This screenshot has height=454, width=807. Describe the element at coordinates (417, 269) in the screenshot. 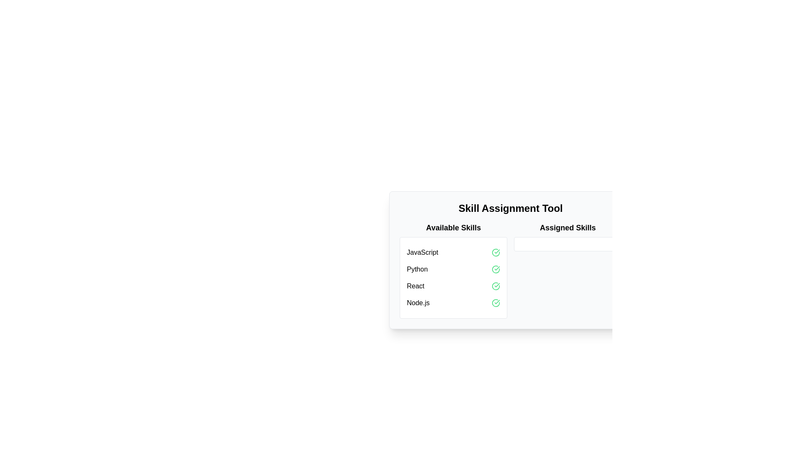

I see `the text label 'Python' in the 'Available Skills' panel, which is the second item in the list, positioned below 'JavaScript' and above 'React'` at that location.